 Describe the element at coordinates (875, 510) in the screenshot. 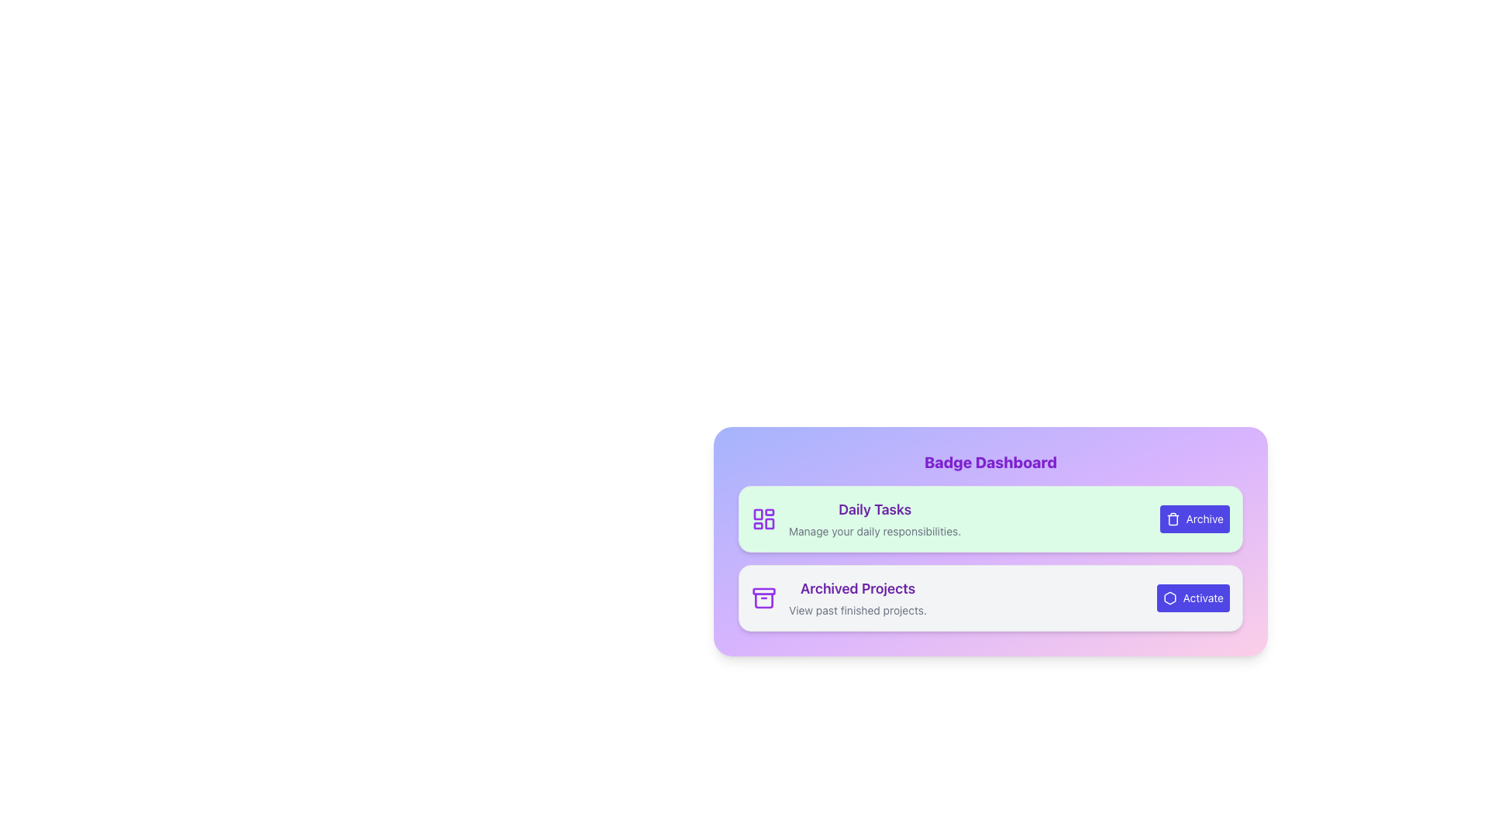

I see `'Daily Tasks' text label that is displayed in bold purple font at the top of the green background section, located in the upper-left corner of the card-like structure` at that location.